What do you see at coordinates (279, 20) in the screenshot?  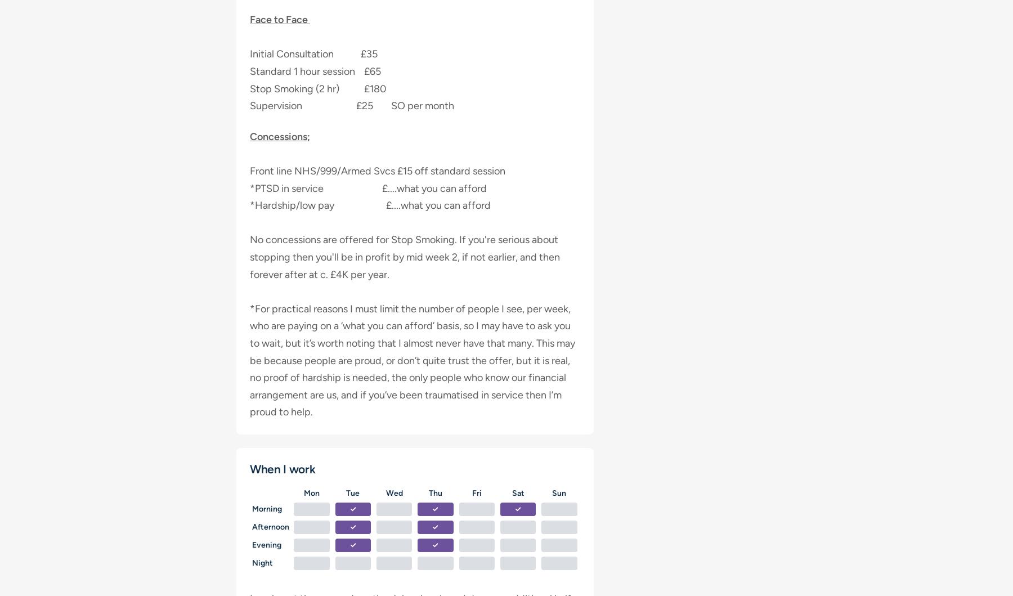 I see `'Face to Face'` at bounding box center [279, 20].